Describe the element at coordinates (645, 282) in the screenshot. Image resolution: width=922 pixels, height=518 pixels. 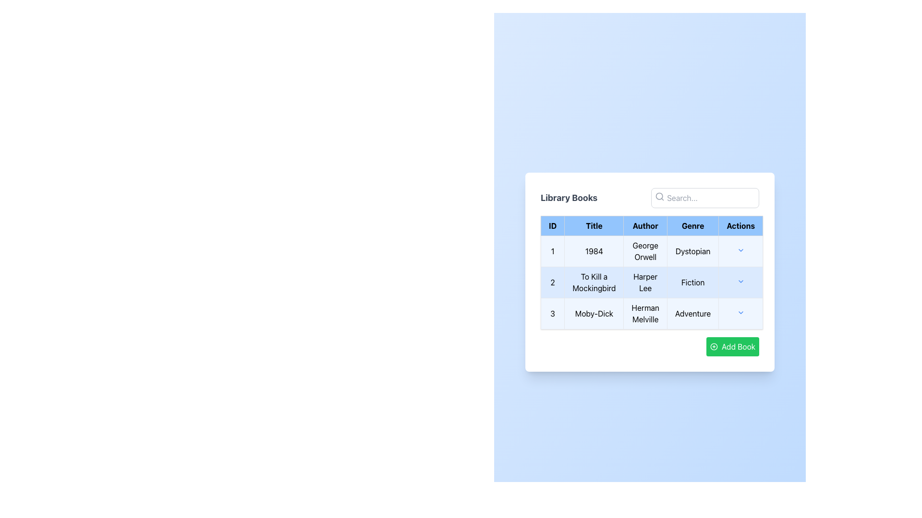
I see `the text display representing the author of 'To Kill a Mockingbird' located in the second row of the library table under the 'Author' column` at that location.